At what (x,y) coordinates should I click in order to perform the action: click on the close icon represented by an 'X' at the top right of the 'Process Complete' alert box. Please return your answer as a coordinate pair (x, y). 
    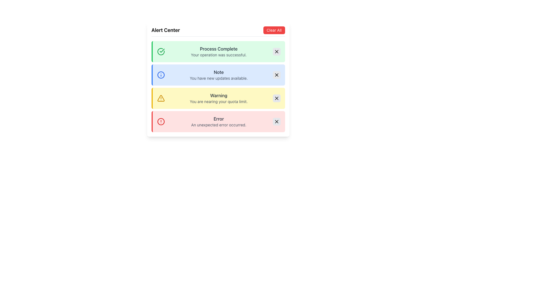
    Looking at the image, I should click on (276, 51).